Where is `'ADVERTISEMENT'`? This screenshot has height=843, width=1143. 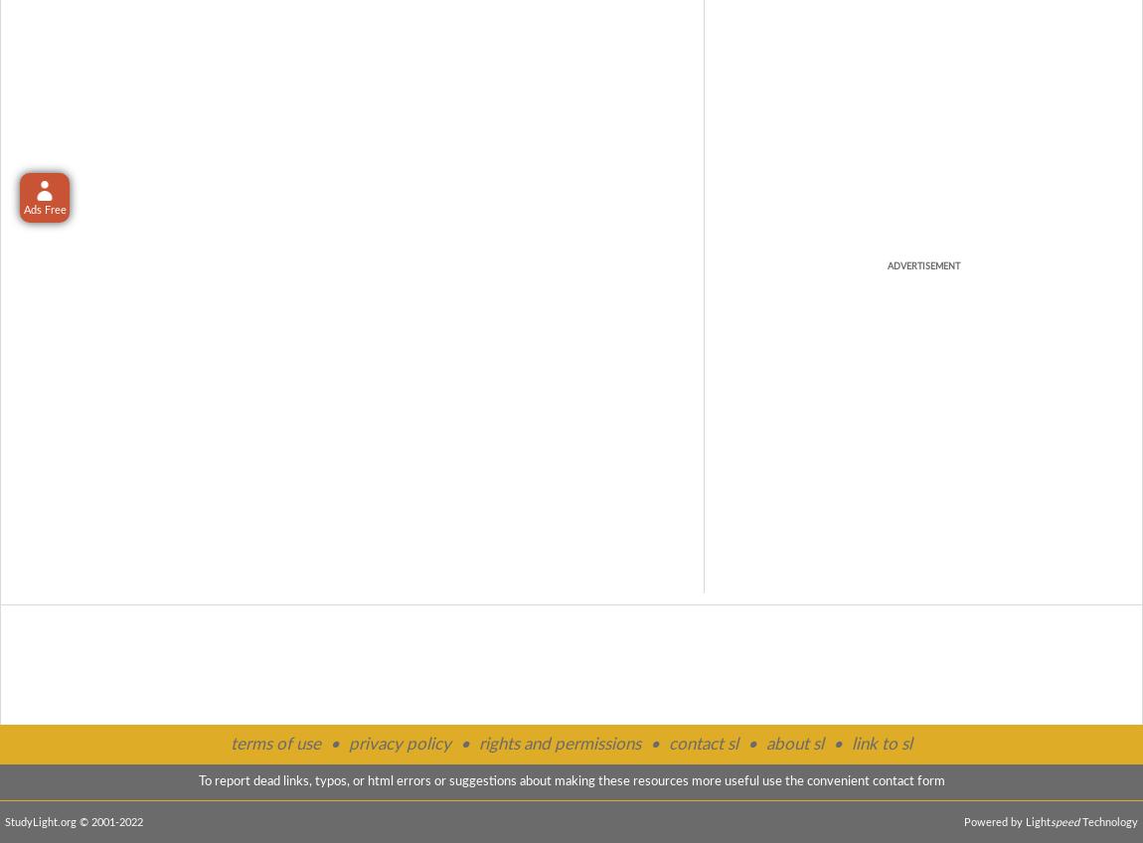
'ADVERTISEMENT' is located at coordinates (887, 266).